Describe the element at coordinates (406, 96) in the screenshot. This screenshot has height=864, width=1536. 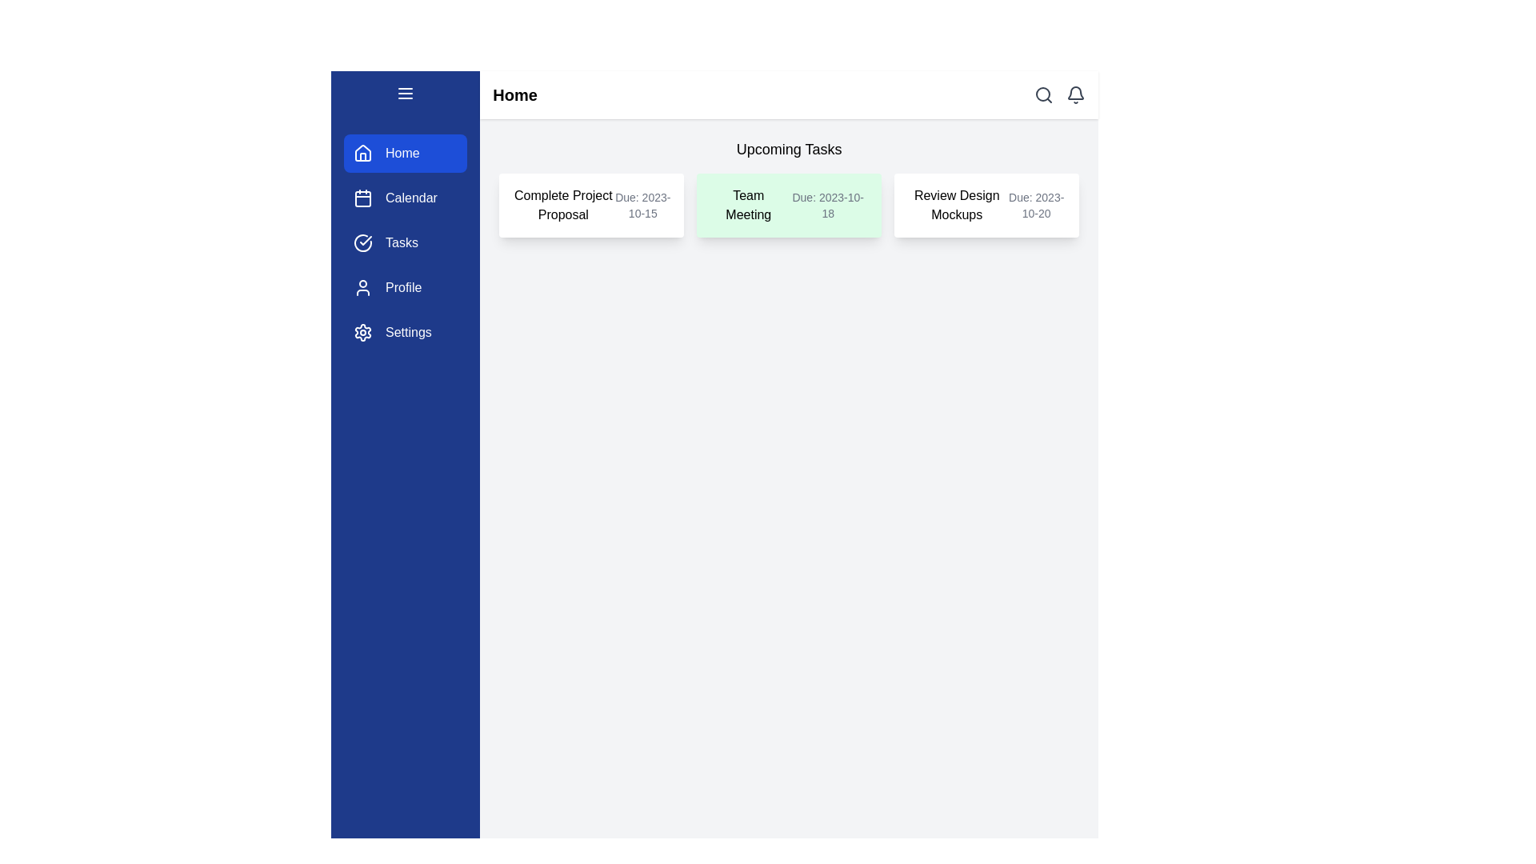
I see `the menu toggle button located at the top-left corner of the blue sidebar, above the navigation options such as 'Home,' 'Calendar,' and 'Tasks.'` at that location.